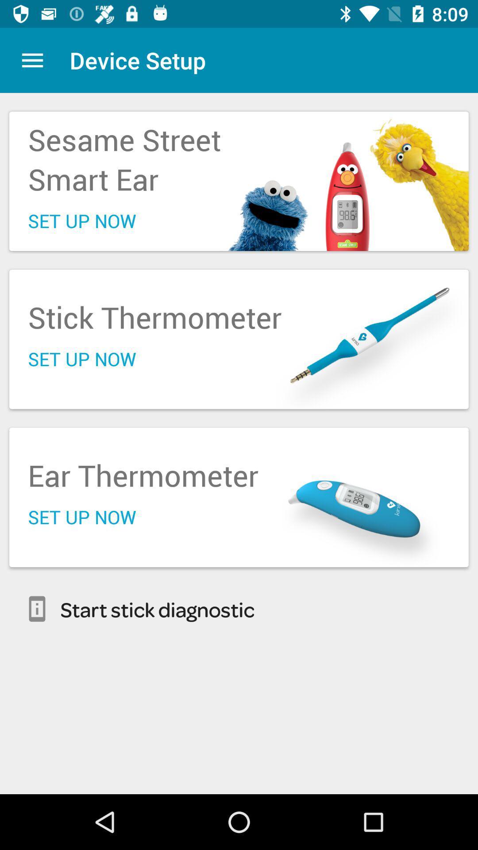 The width and height of the screenshot is (478, 850). What do you see at coordinates (239, 608) in the screenshot?
I see `start stick diagnostic item` at bounding box center [239, 608].